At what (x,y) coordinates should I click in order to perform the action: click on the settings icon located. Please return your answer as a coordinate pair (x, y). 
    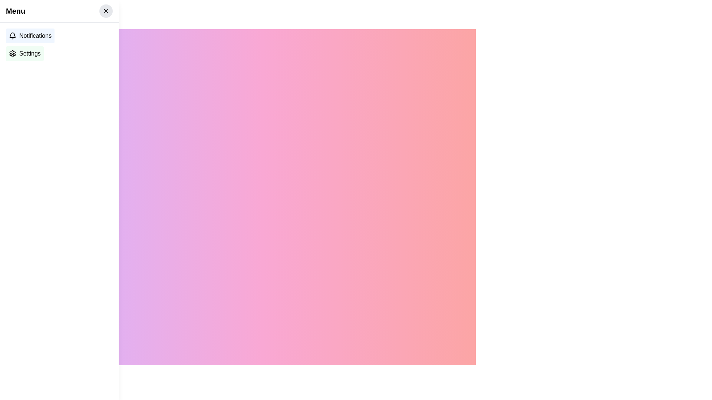
    Looking at the image, I should click on (12, 53).